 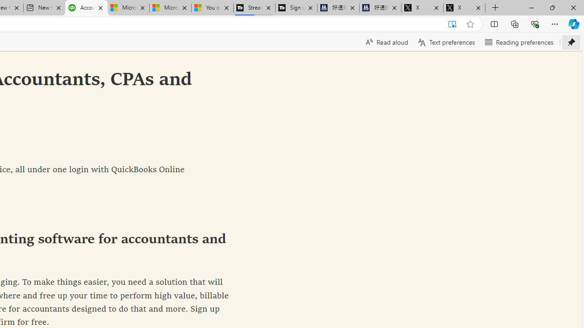 What do you see at coordinates (386, 42) in the screenshot?
I see `'Read aloud'` at bounding box center [386, 42].